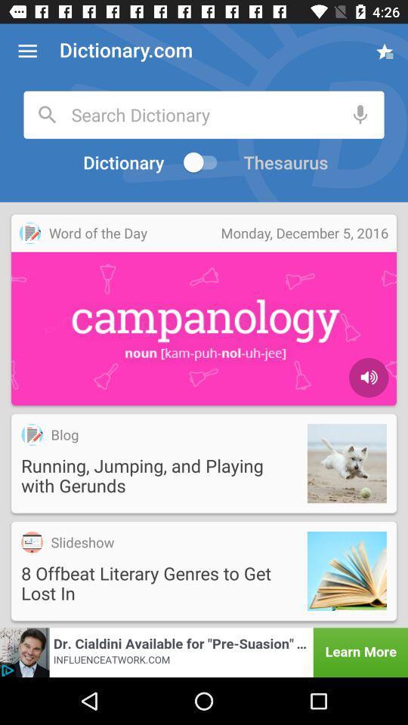  What do you see at coordinates (368, 377) in the screenshot?
I see `the volume icon which is at the right side on the page` at bounding box center [368, 377].